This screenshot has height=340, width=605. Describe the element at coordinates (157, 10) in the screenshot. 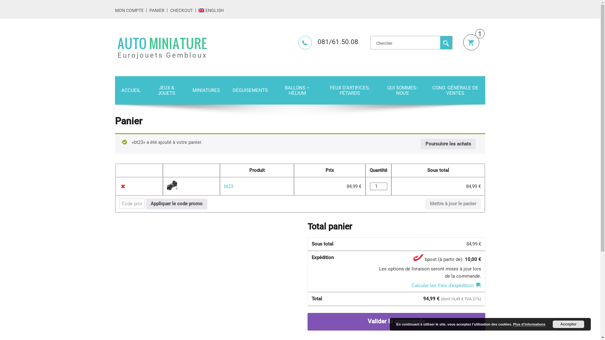

I see `'PANIER'` at that location.